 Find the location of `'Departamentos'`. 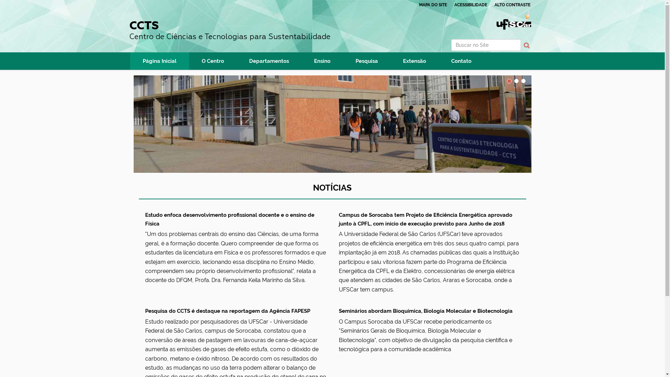

'Departamentos' is located at coordinates (269, 60).